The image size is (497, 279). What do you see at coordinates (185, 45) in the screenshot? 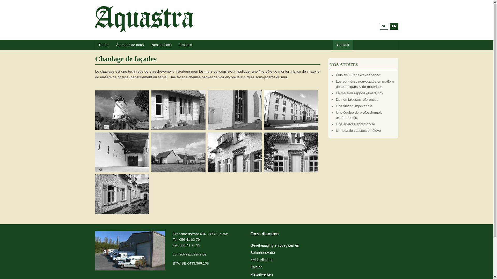
I see `'Emplois'` at bounding box center [185, 45].